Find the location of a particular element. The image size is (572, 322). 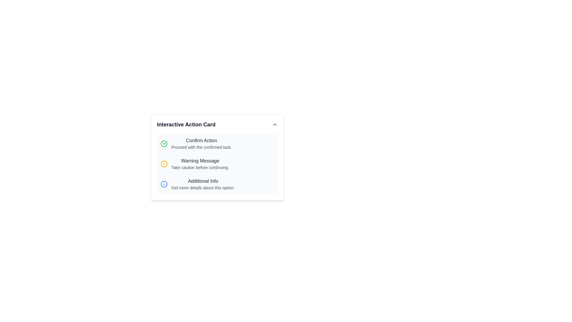

the graphical style of the circular component that forms the outer boundary of the checkmark icon, which is styled with a green color theme indicating success or confirmation is located at coordinates (164, 144).